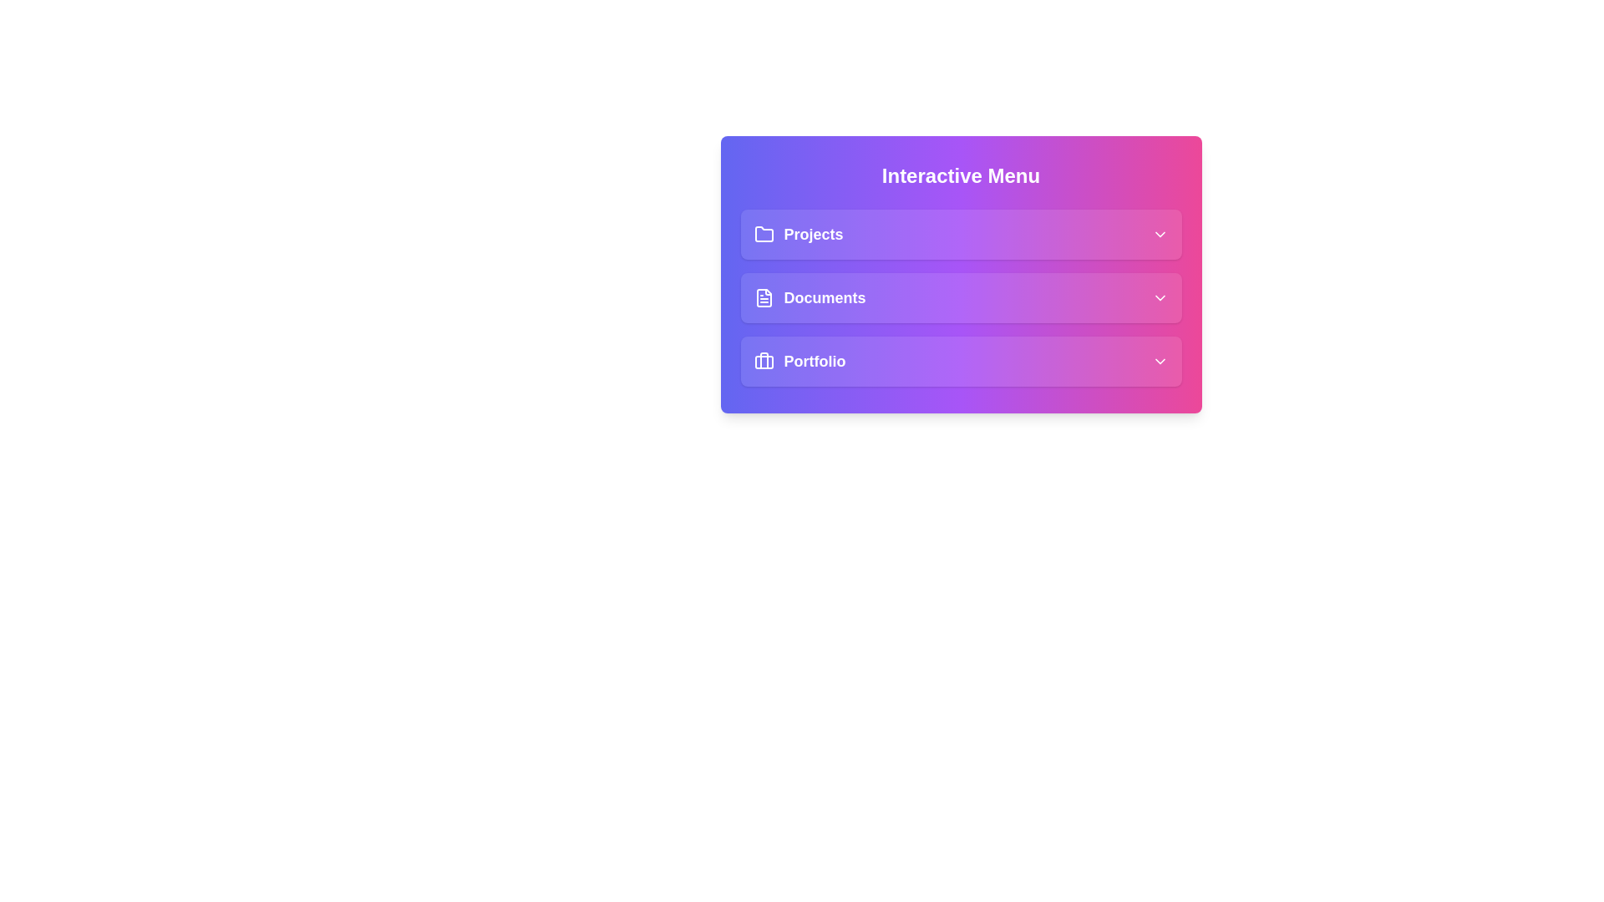 This screenshot has width=1604, height=902. Describe the element at coordinates (763, 234) in the screenshot. I see `the 'Projects' vector graphic icon, which is the first icon in a vertical list of three, located next to the text 'Projects'` at that location.